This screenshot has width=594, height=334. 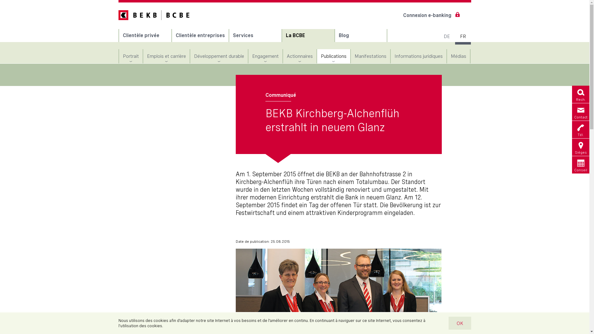 What do you see at coordinates (459, 323) in the screenshot?
I see `'OK'` at bounding box center [459, 323].